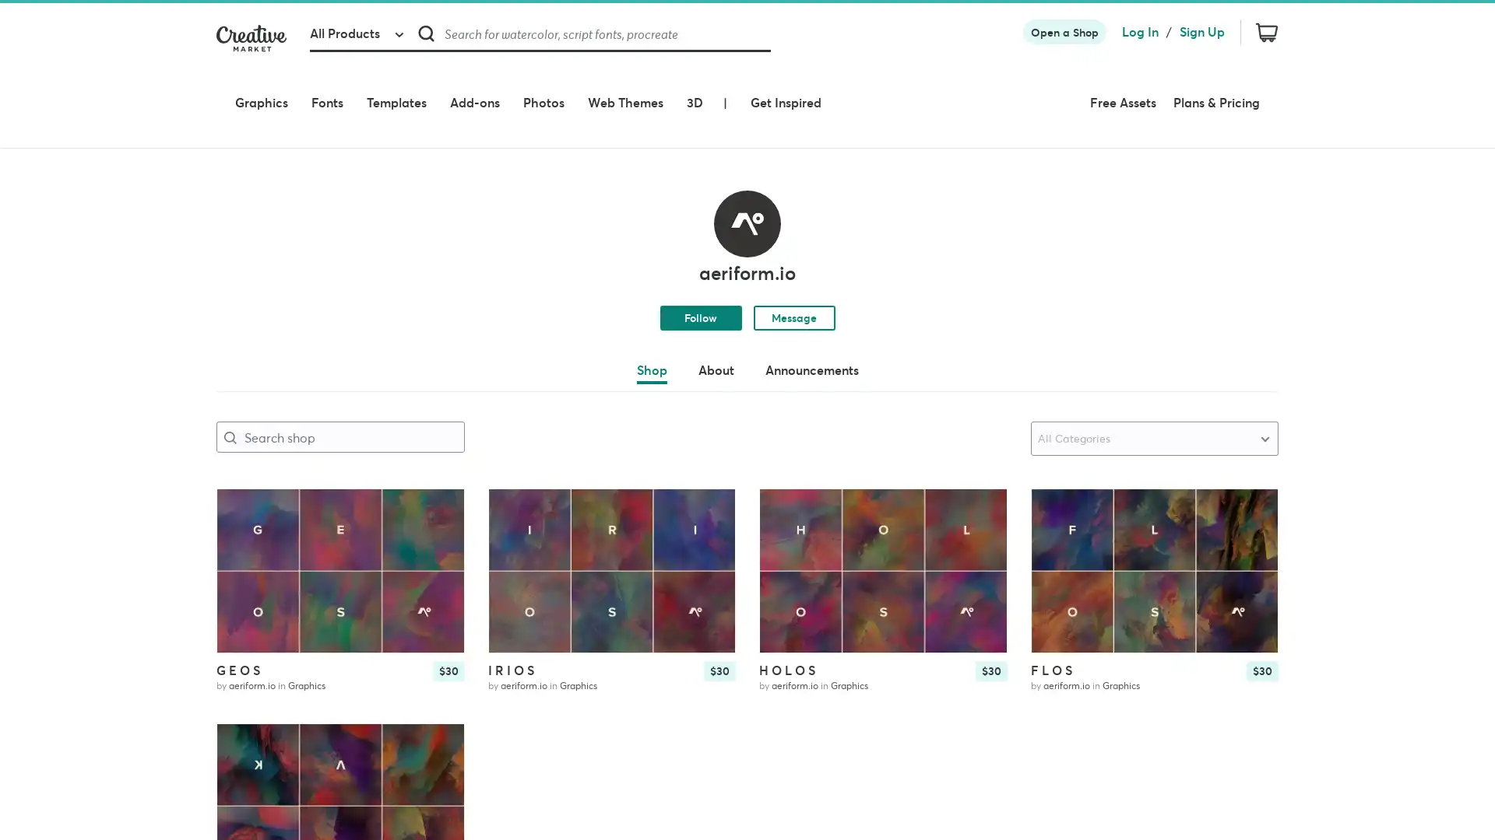 The height and width of the screenshot is (840, 1495). Describe the element at coordinates (1253, 481) in the screenshot. I see `Save` at that location.